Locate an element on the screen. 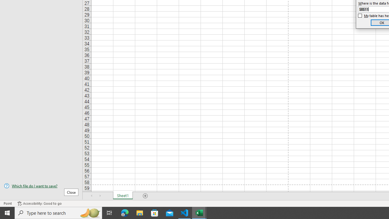  'Start' is located at coordinates (7, 212).